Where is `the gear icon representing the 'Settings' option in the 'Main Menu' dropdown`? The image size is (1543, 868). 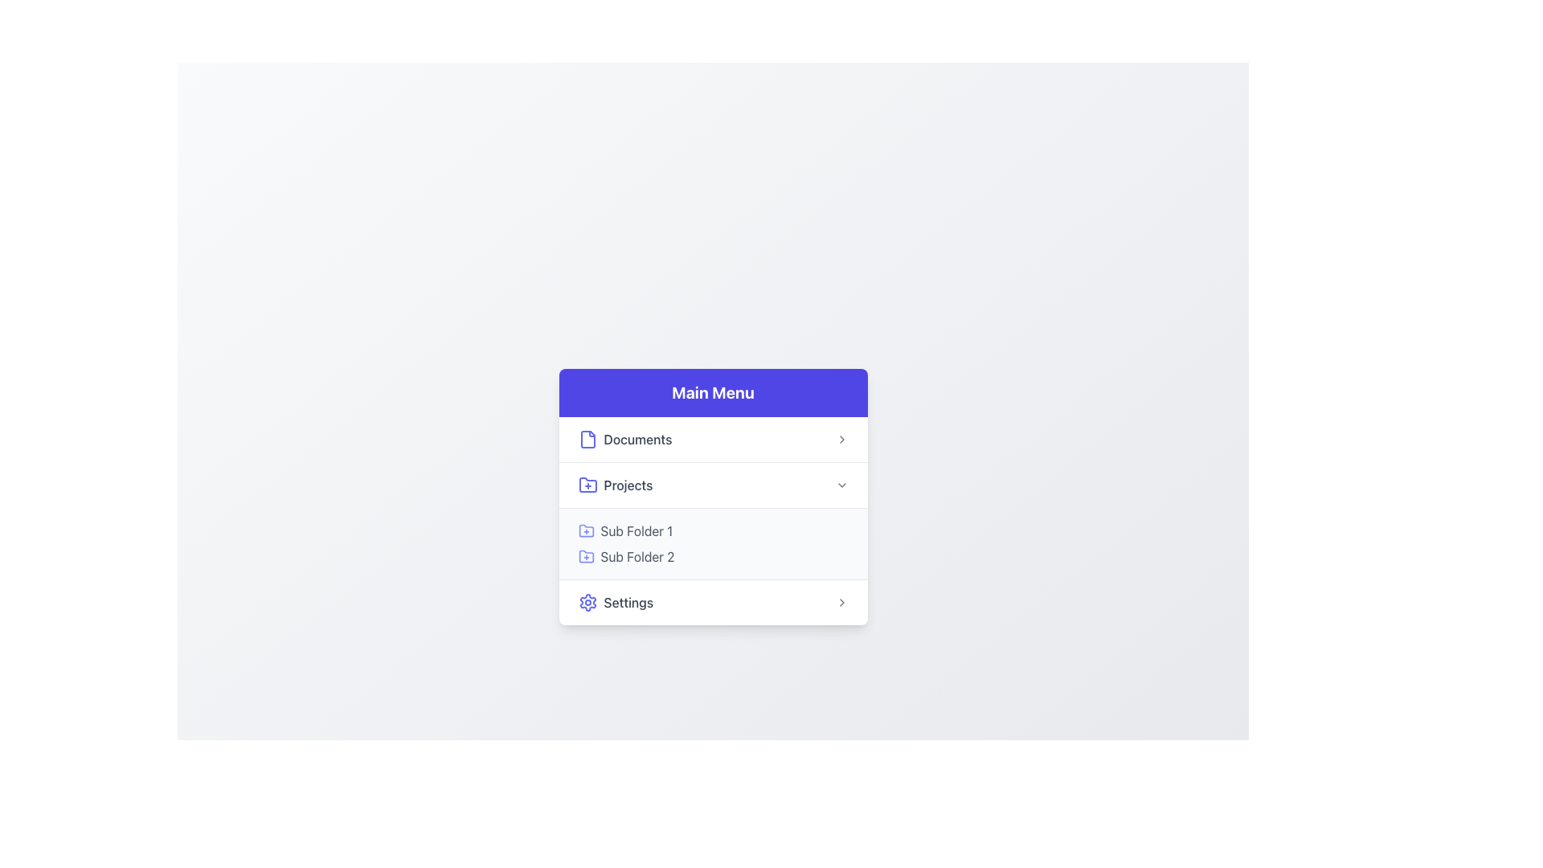
the gear icon representing the 'Settings' option in the 'Main Menu' dropdown is located at coordinates (587, 602).